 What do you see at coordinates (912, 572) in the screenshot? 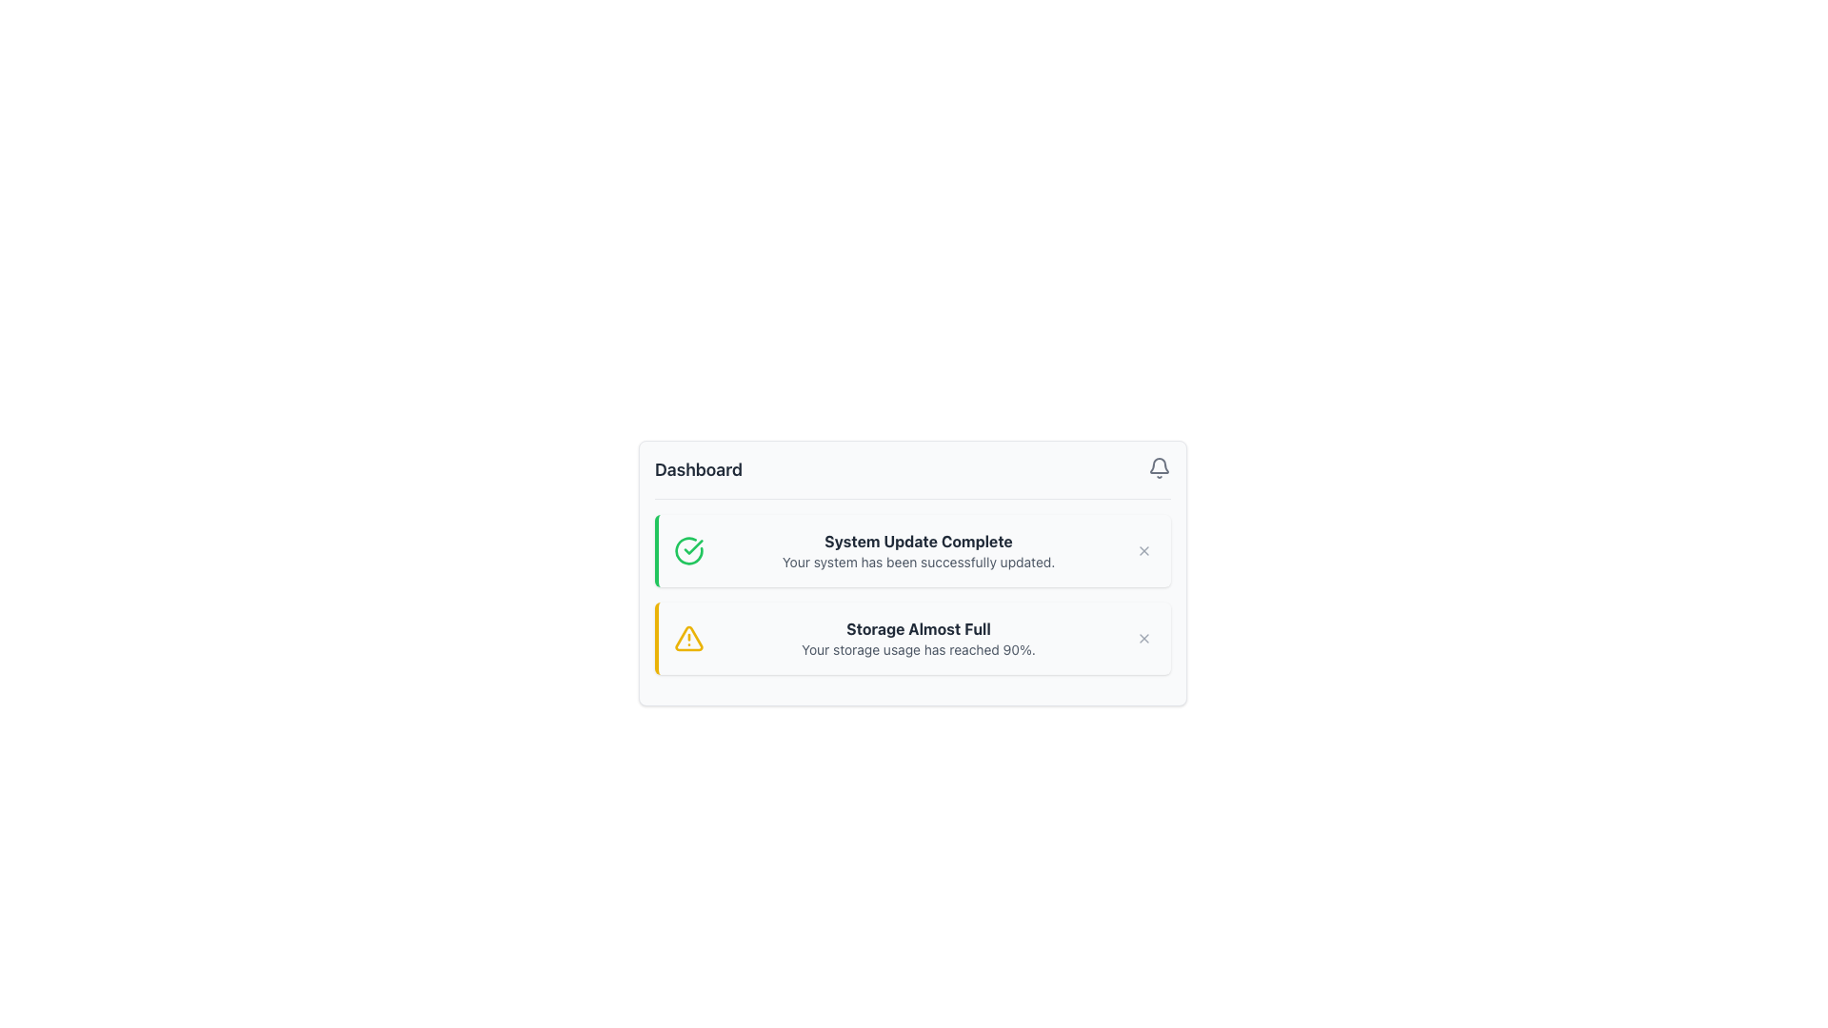
I see `information displayed in the notification card titled 'System Update Complete' which contains a description stating 'Your system has been successfully updated.'` at bounding box center [912, 572].